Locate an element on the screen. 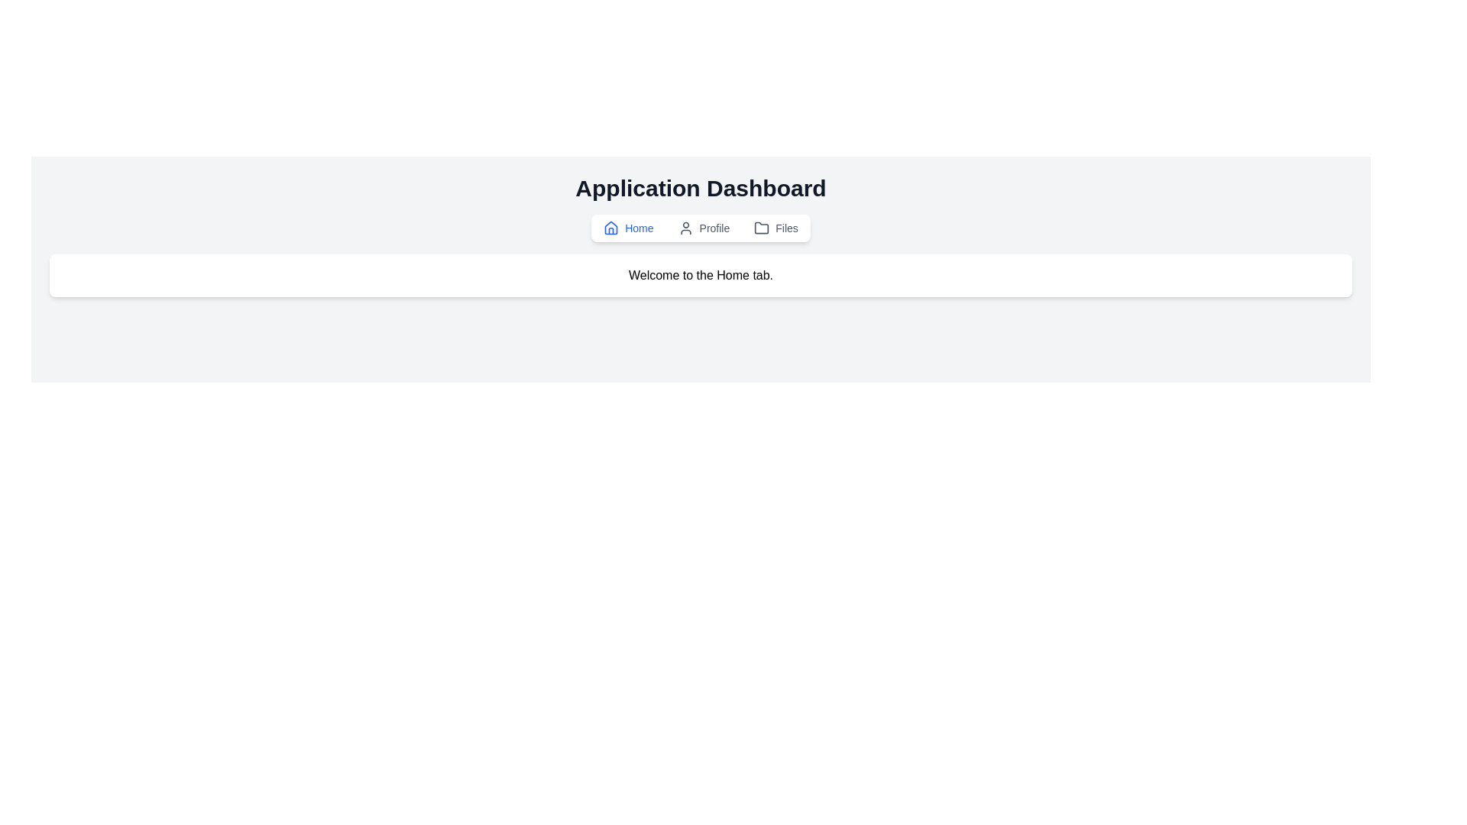  the navigation link labeled 'Files' is located at coordinates (776, 228).